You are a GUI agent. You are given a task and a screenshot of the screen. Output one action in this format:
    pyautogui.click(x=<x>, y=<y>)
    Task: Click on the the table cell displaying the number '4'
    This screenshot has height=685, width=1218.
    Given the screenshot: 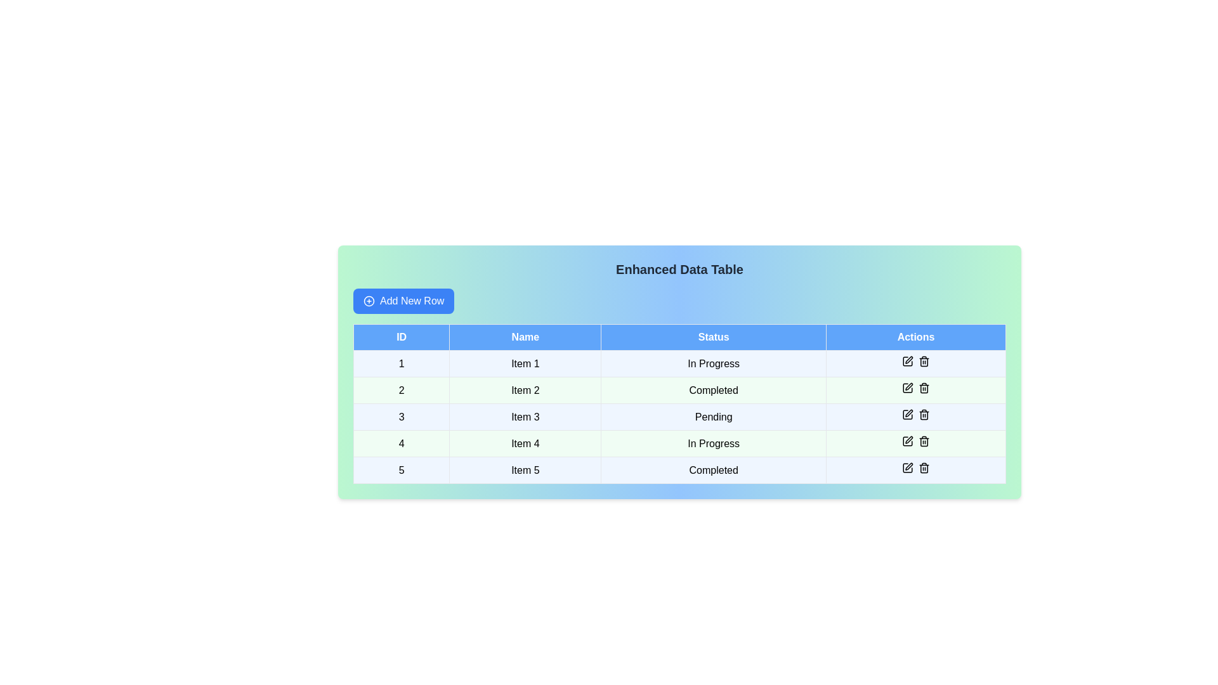 What is the action you would take?
    pyautogui.click(x=401, y=443)
    